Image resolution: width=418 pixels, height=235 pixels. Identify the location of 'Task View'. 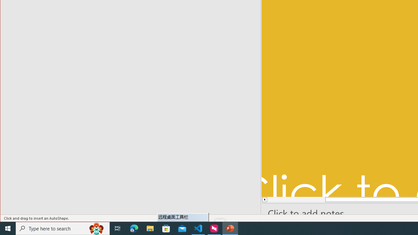
(117, 228).